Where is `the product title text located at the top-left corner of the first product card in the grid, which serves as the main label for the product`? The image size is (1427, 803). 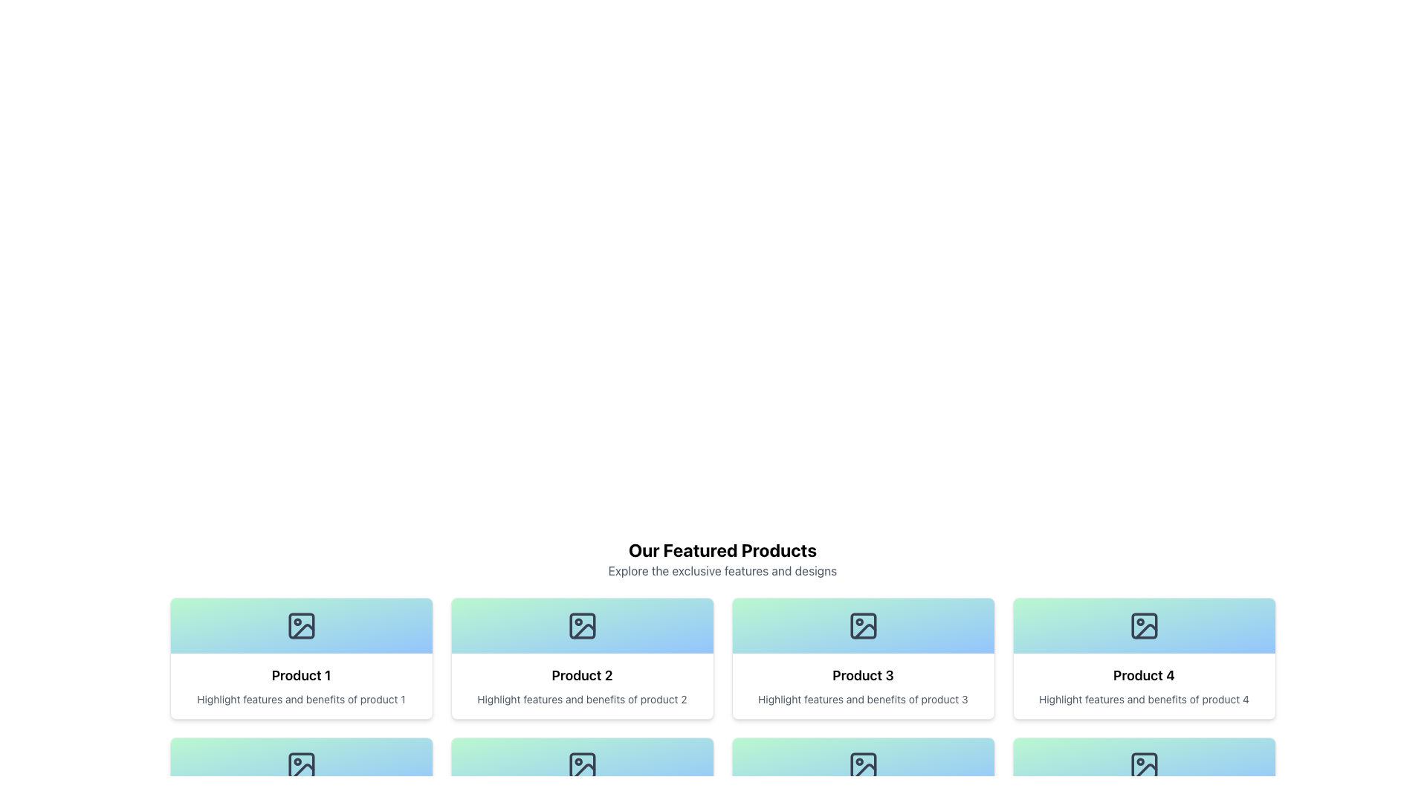
the product title text located at the top-left corner of the first product card in the grid, which serves as the main label for the product is located at coordinates (300, 676).